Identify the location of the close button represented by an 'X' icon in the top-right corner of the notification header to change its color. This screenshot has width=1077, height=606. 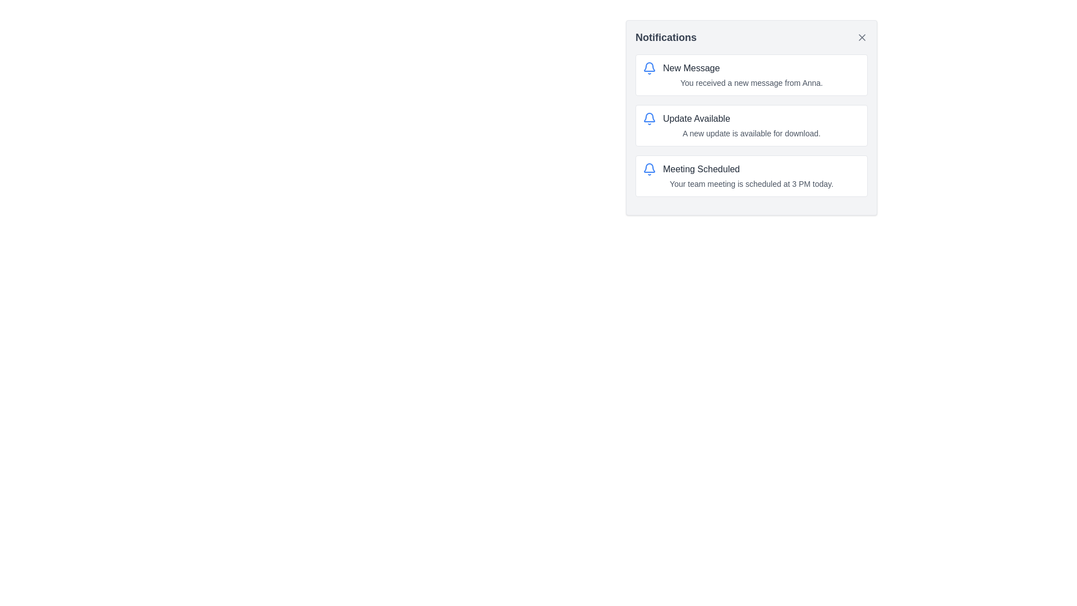
(861, 36).